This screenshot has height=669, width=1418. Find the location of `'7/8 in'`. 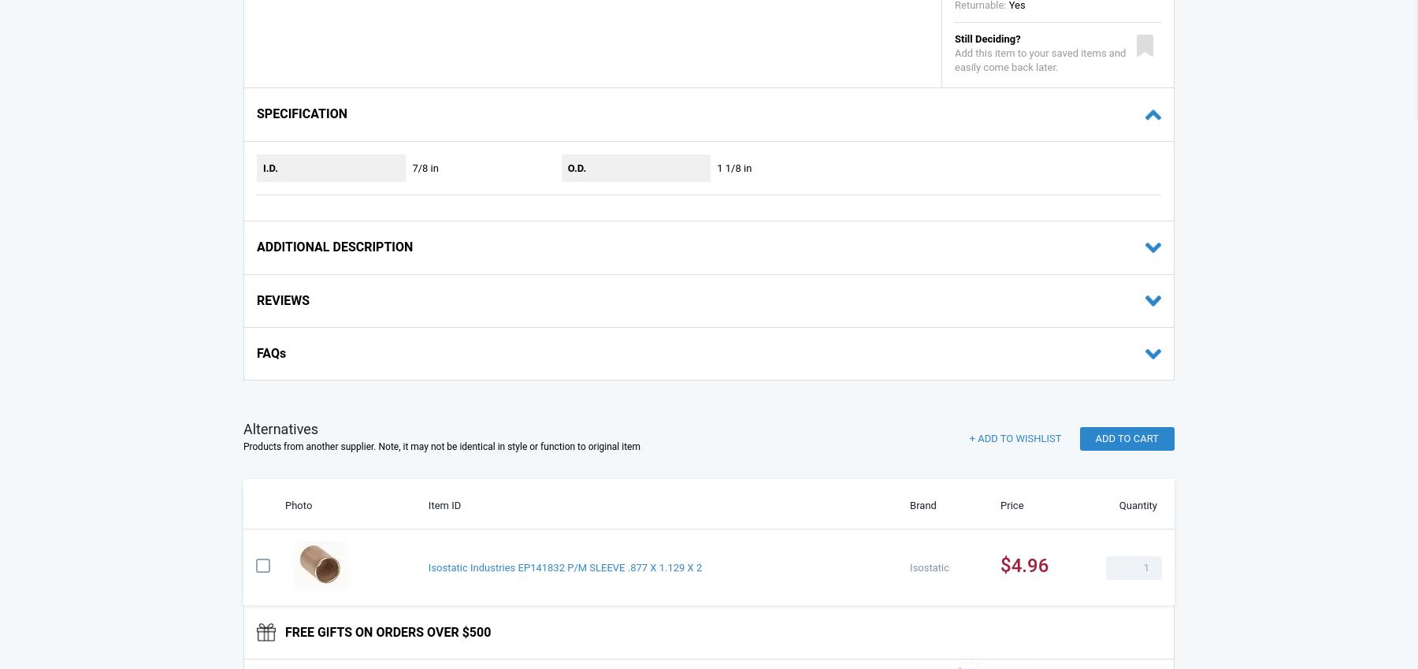

'7/8 in' is located at coordinates (424, 166).